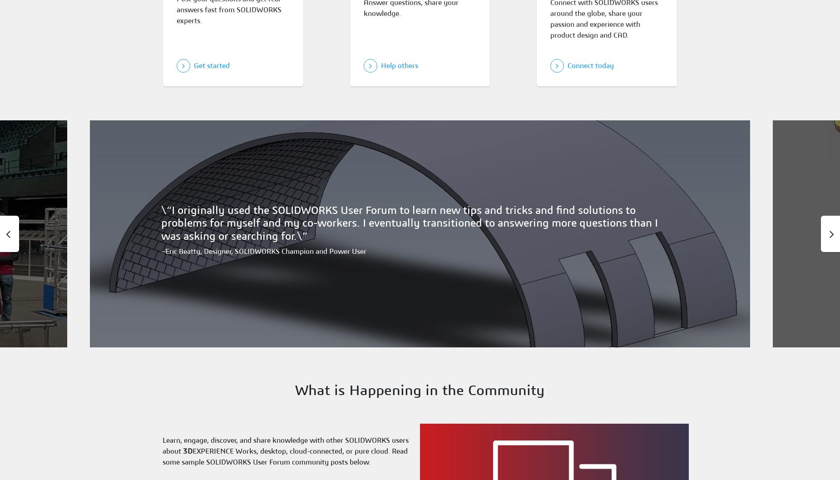 The height and width of the screenshot is (480, 840). Describe the element at coordinates (264, 208) in the screenshot. I see `'What “getting started” resources are available to help me engage in the'` at that location.